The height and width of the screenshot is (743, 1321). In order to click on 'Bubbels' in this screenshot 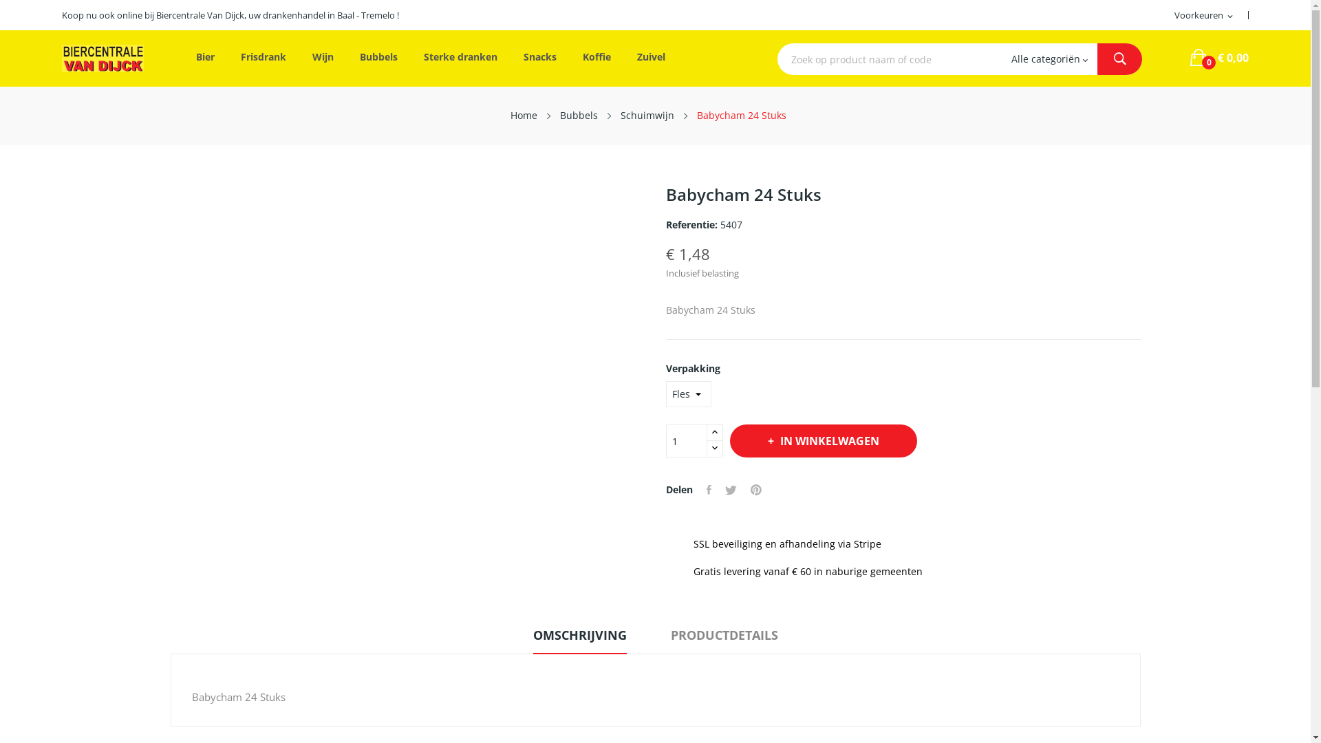, I will do `click(579, 115)`.